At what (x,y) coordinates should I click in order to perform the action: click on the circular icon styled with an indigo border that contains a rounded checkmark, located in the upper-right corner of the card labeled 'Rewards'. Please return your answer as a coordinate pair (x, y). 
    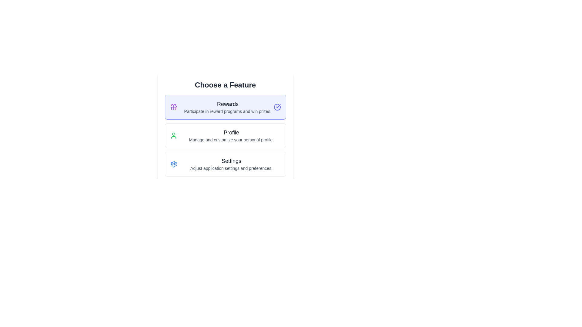
    Looking at the image, I should click on (277, 107).